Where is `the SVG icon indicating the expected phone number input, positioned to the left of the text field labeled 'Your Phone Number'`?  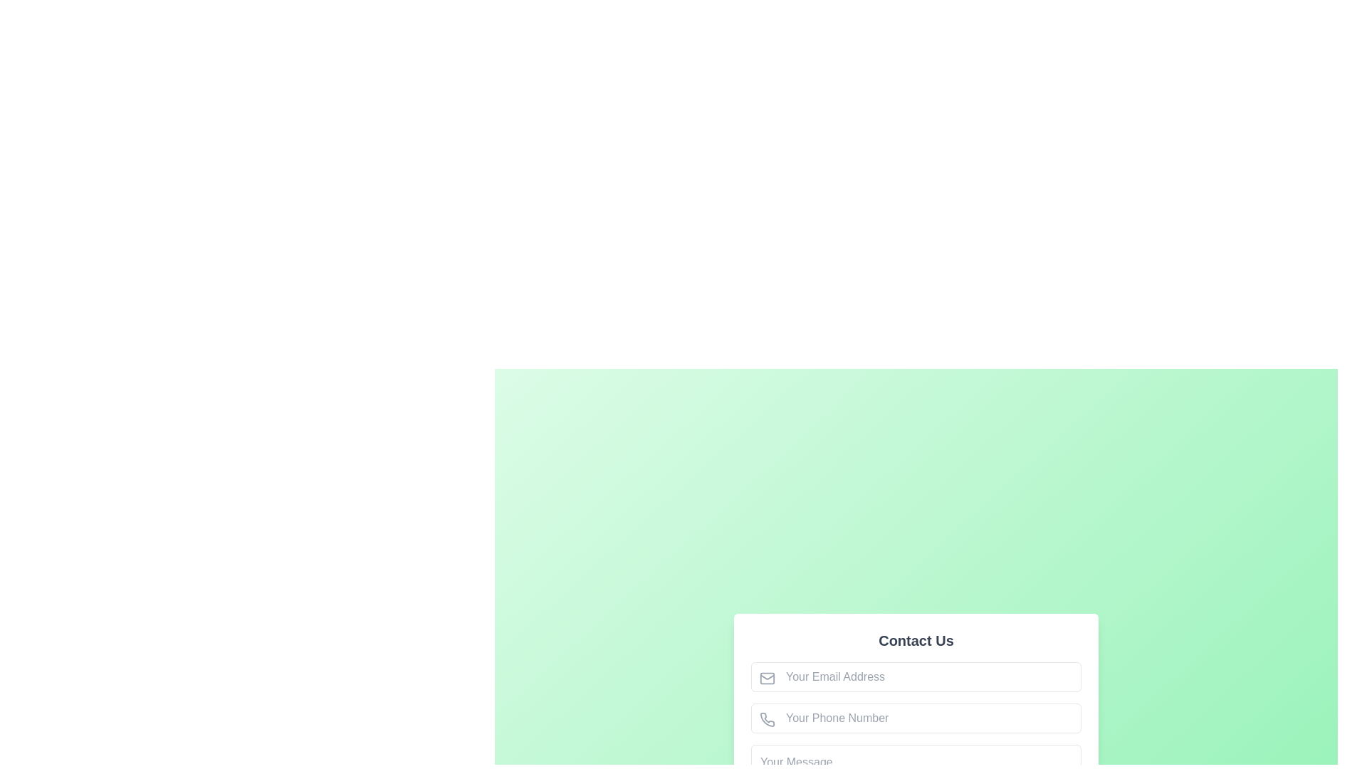 the SVG icon indicating the expected phone number input, positioned to the left of the text field labeled 'Your Phone Number' is located at coordinates (767, 719).